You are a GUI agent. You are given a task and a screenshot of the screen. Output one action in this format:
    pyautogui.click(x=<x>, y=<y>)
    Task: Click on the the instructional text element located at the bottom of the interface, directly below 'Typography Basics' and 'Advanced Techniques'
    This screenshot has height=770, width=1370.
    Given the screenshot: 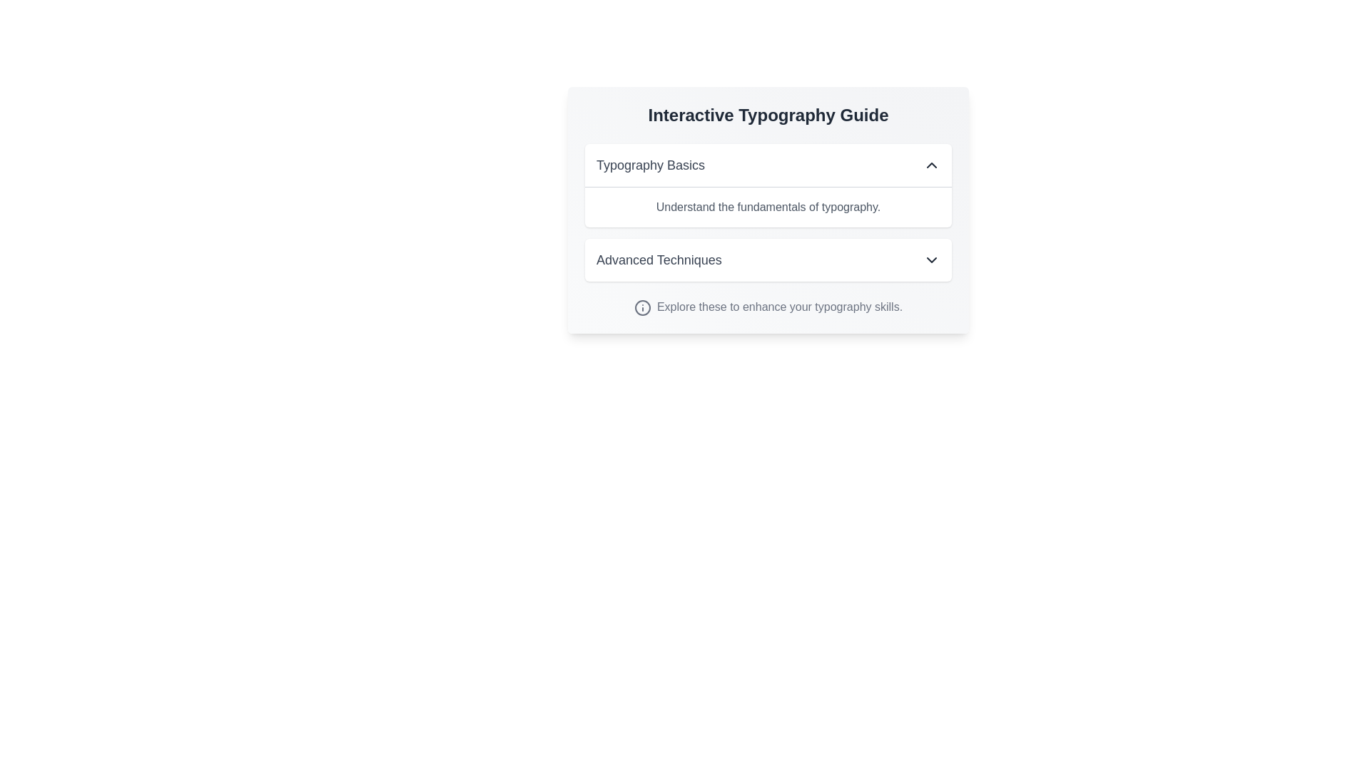 What is the action you would take?
    pyautogui.click(x=767, y=307)
    